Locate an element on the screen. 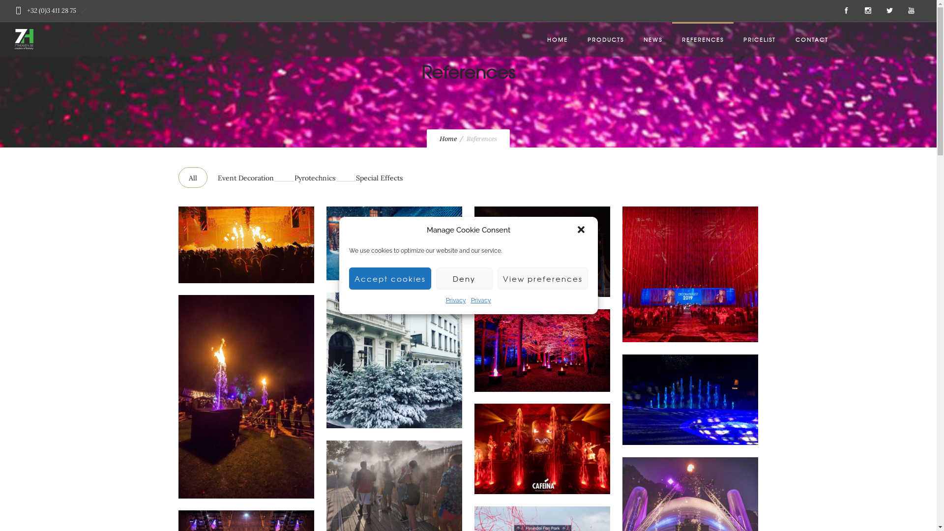 The image size is (944, 531). 'HOME' is located at coordinates (557, 39).